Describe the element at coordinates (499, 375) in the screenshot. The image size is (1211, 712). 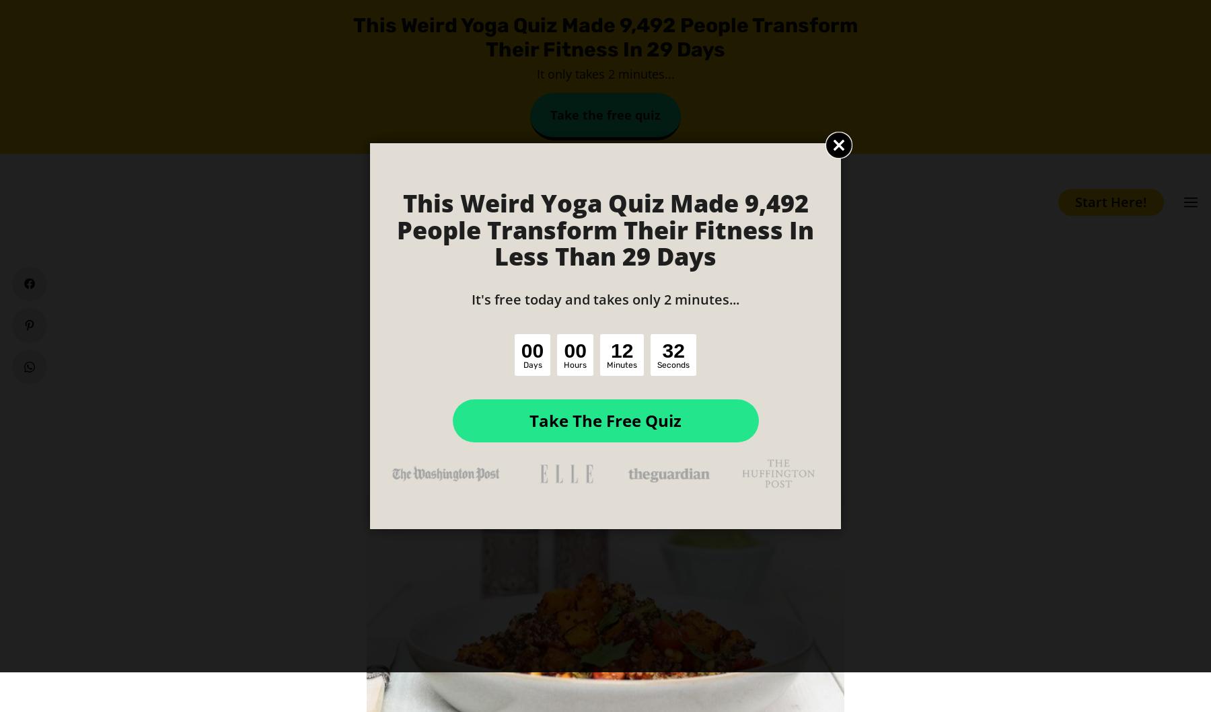
I see `'By'` at that location.